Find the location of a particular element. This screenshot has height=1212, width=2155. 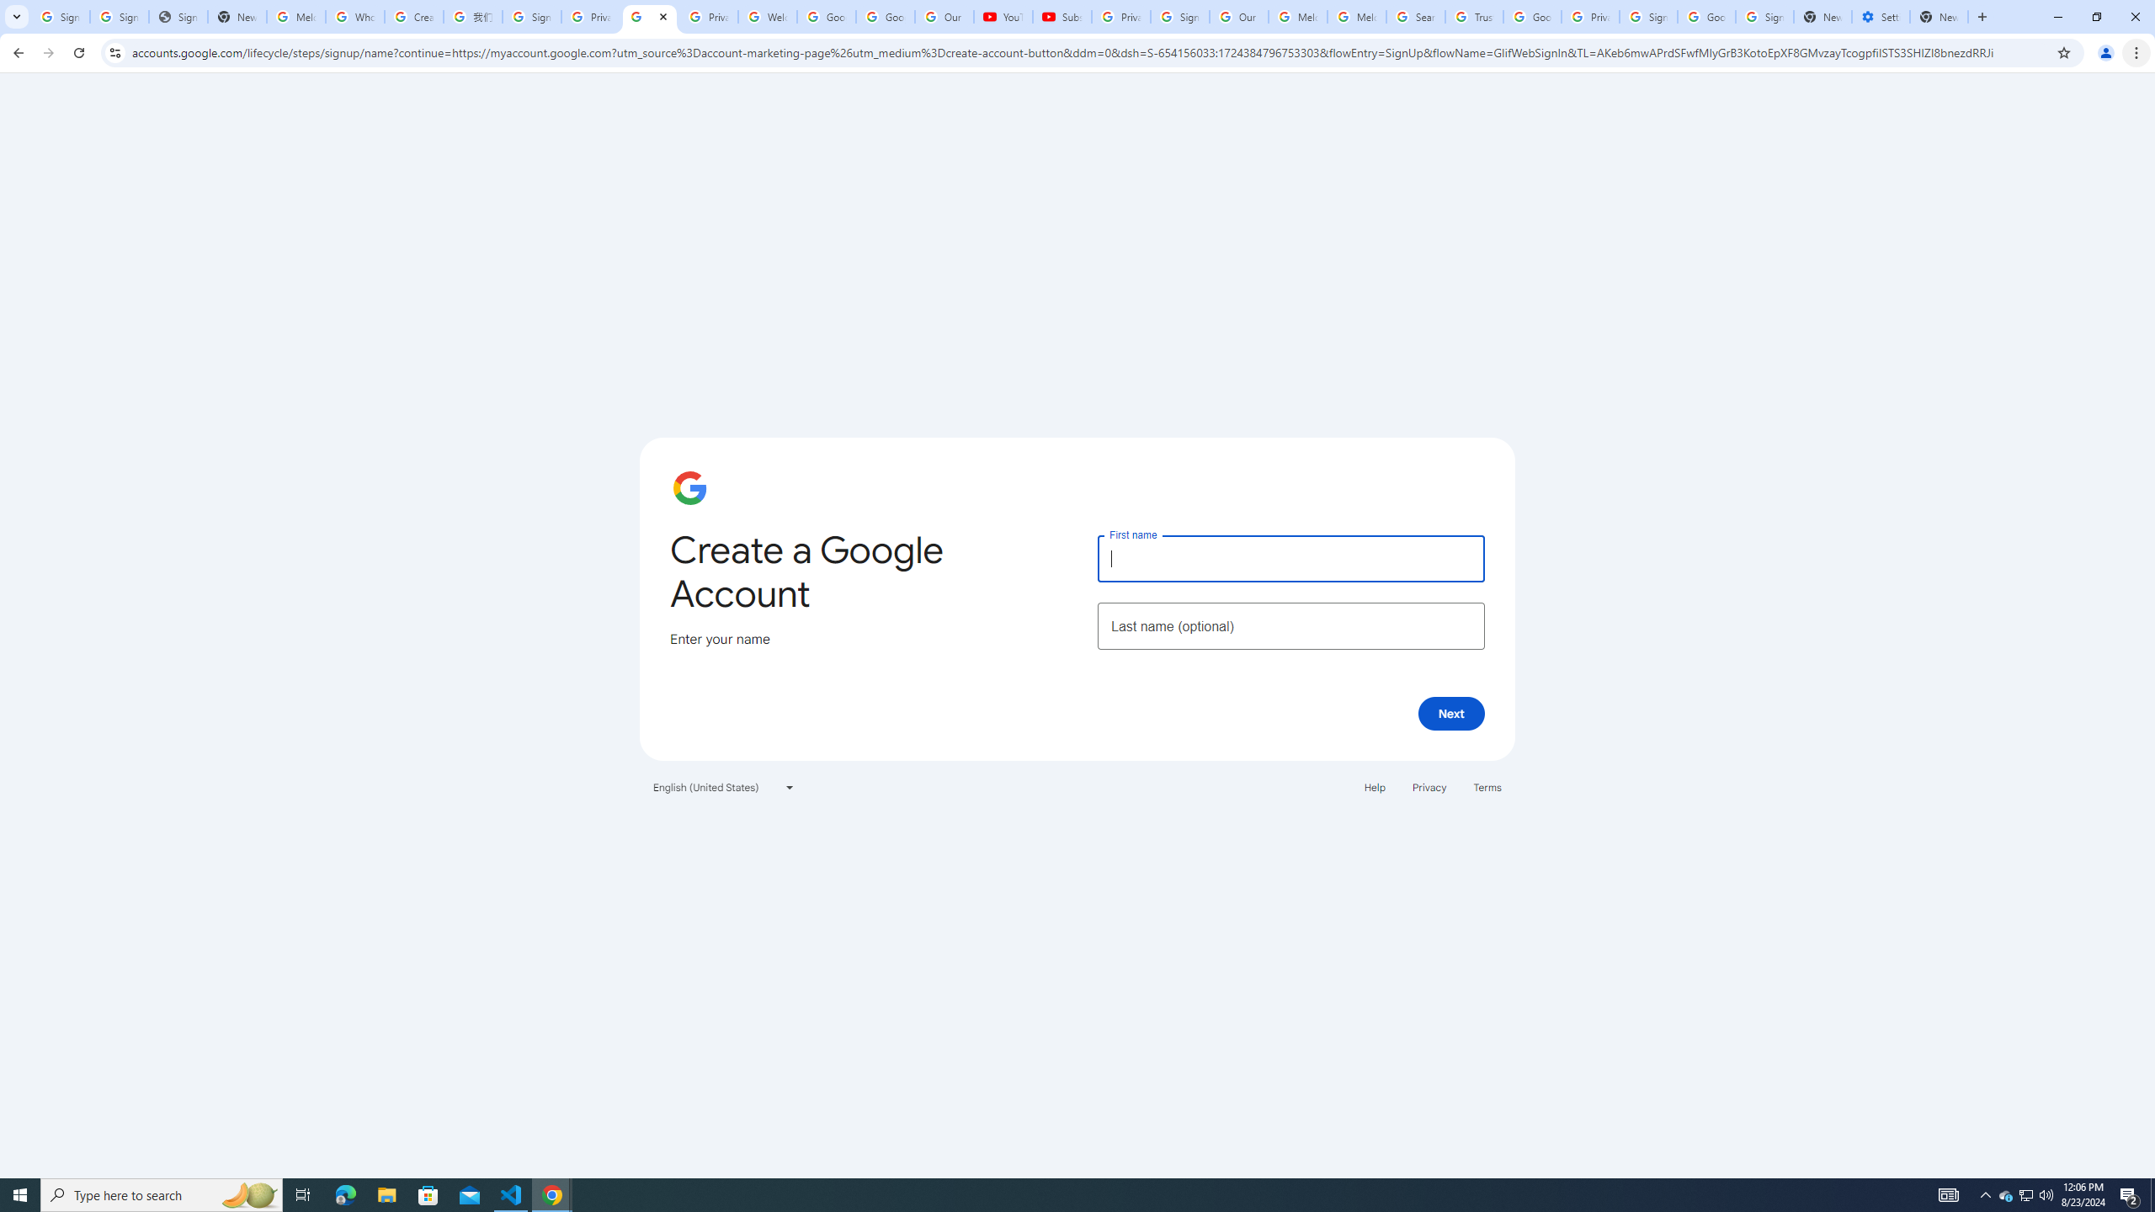

'Search our Doodle Library Collection - Google Doodles' is located at coordinates (1414, 16).